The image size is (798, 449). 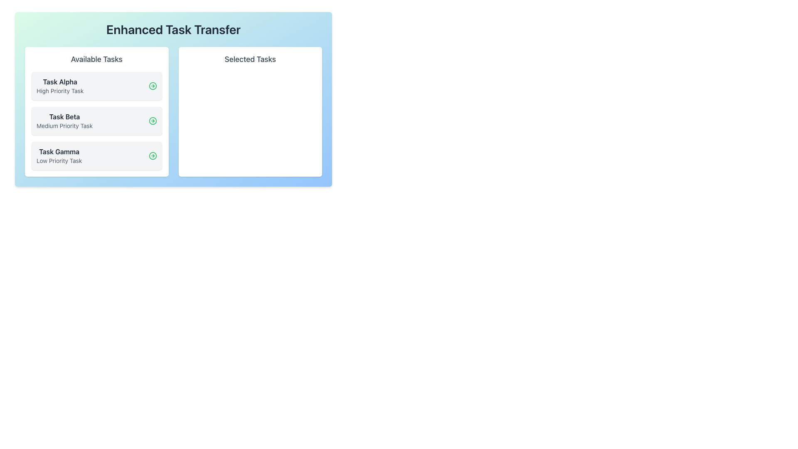 I want to click on the Text label that serves as a title for the task, positioned above 'Low Priority Task' in the 'Available Tasks' panel, so click(x=59, y=152).